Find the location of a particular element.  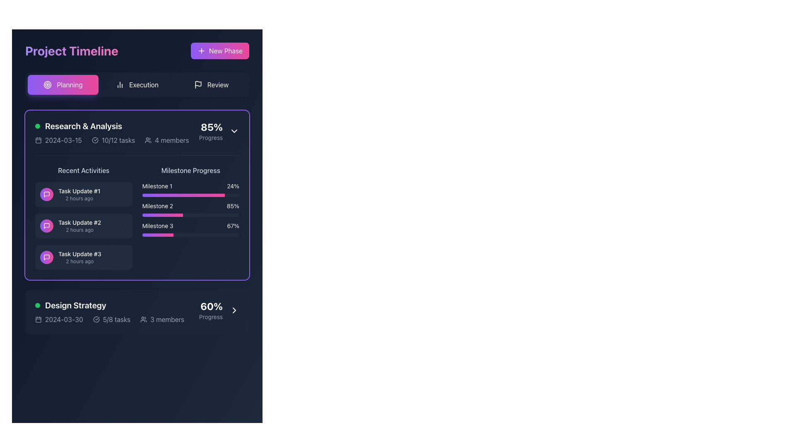

the rightward-chevron icon located in the 'Design Strategy' section is located at coordinates (234, 310).